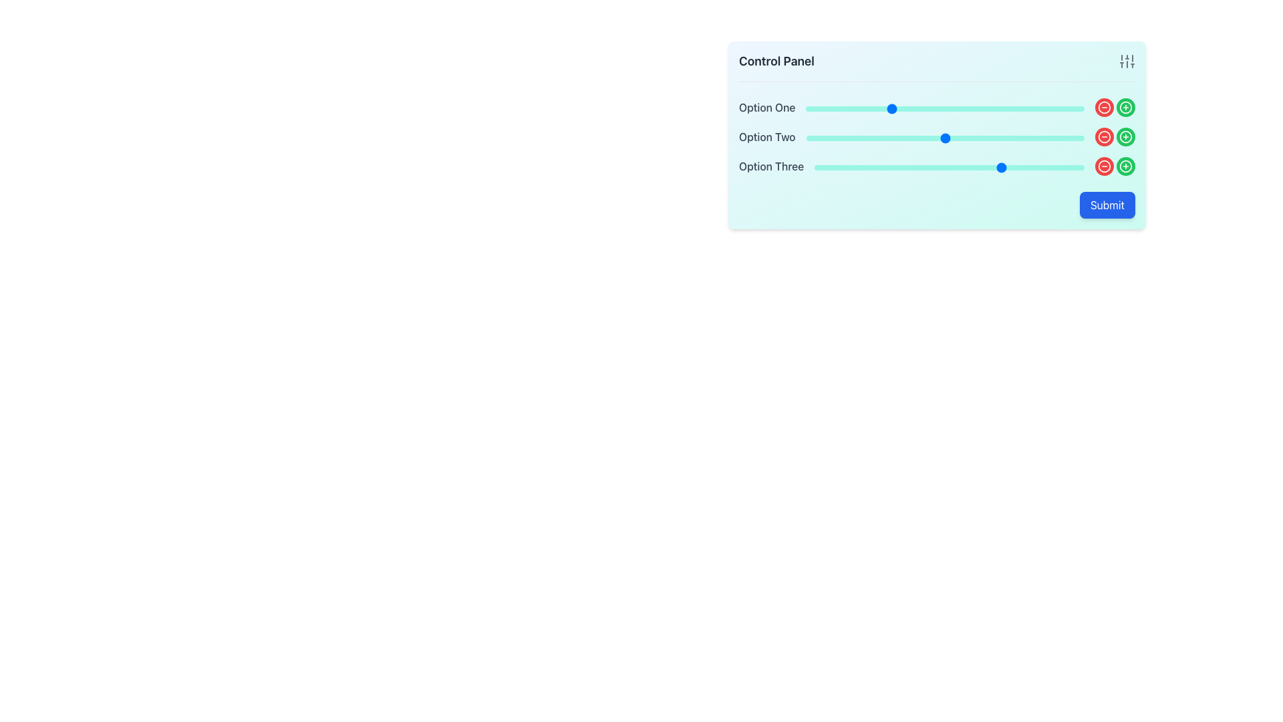  What do you see at coordinates (1104, 166) in the screenshot?
I see `the red circular button with a white minus icon located on the right side of the 'Option Three' slider` at bounding box center [1104, 166].